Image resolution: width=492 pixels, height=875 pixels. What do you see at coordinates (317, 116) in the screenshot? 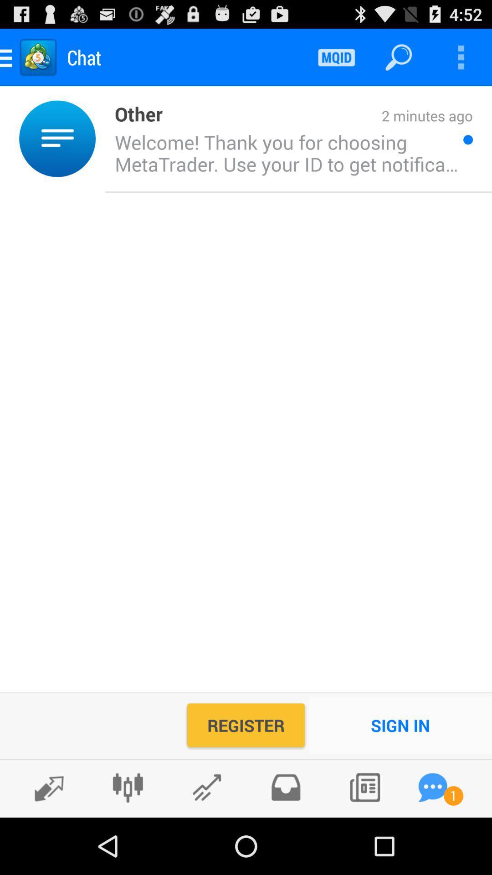
I see `the item above welcome thank you` at bounding box center [317, 116].